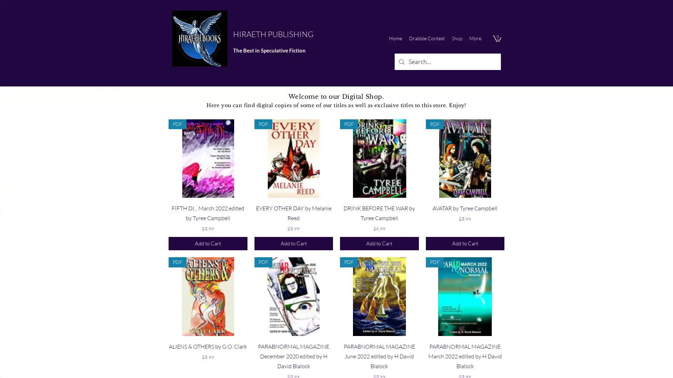  Describe the element at coordinates (379, 206) in the screenshot. I see `Quick View` at that location.